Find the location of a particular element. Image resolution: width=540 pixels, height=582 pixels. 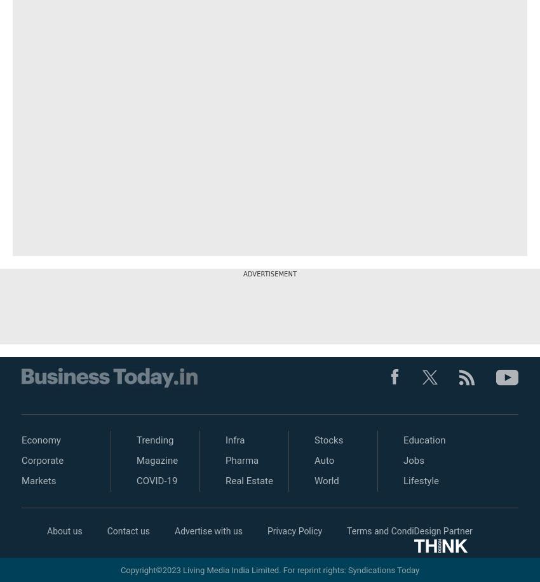

'Education' is located at coordinates (424, 440).